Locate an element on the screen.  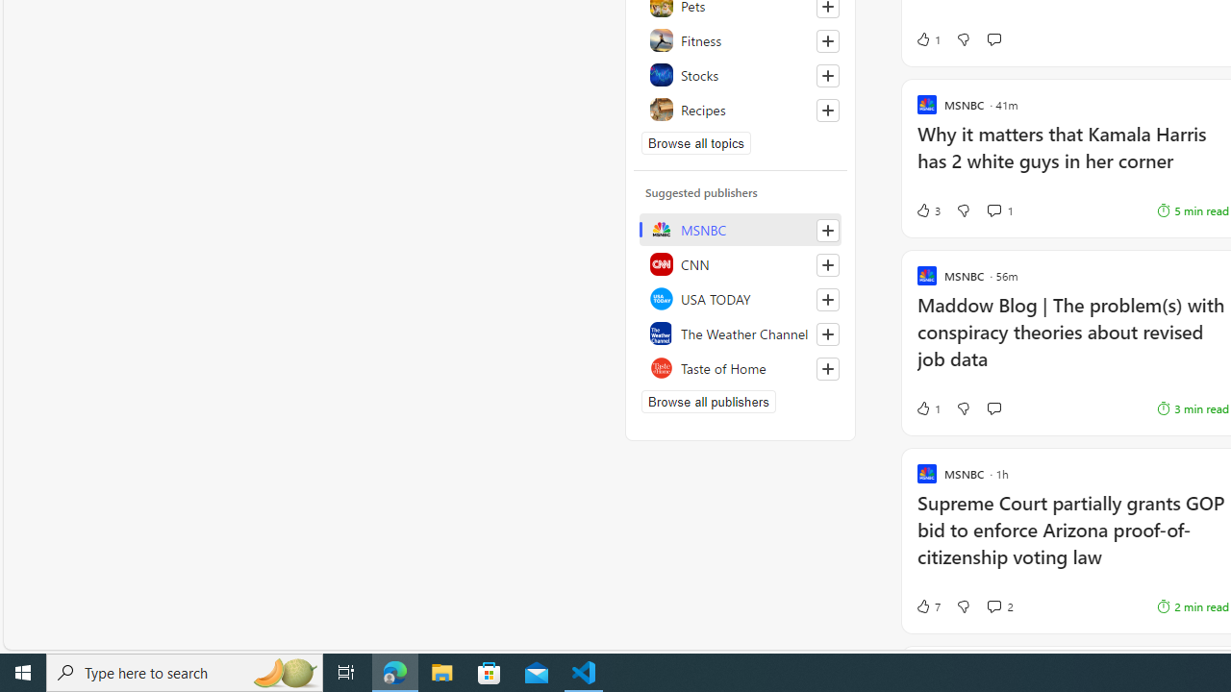
'1 Like' is located at coordinates (927, 408).